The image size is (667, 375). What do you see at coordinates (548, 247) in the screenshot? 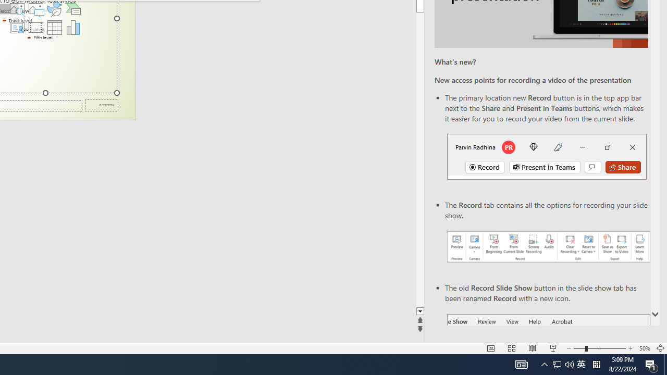
I see `'Record your presentations screenshot one'` at bounding box center [548, 247].